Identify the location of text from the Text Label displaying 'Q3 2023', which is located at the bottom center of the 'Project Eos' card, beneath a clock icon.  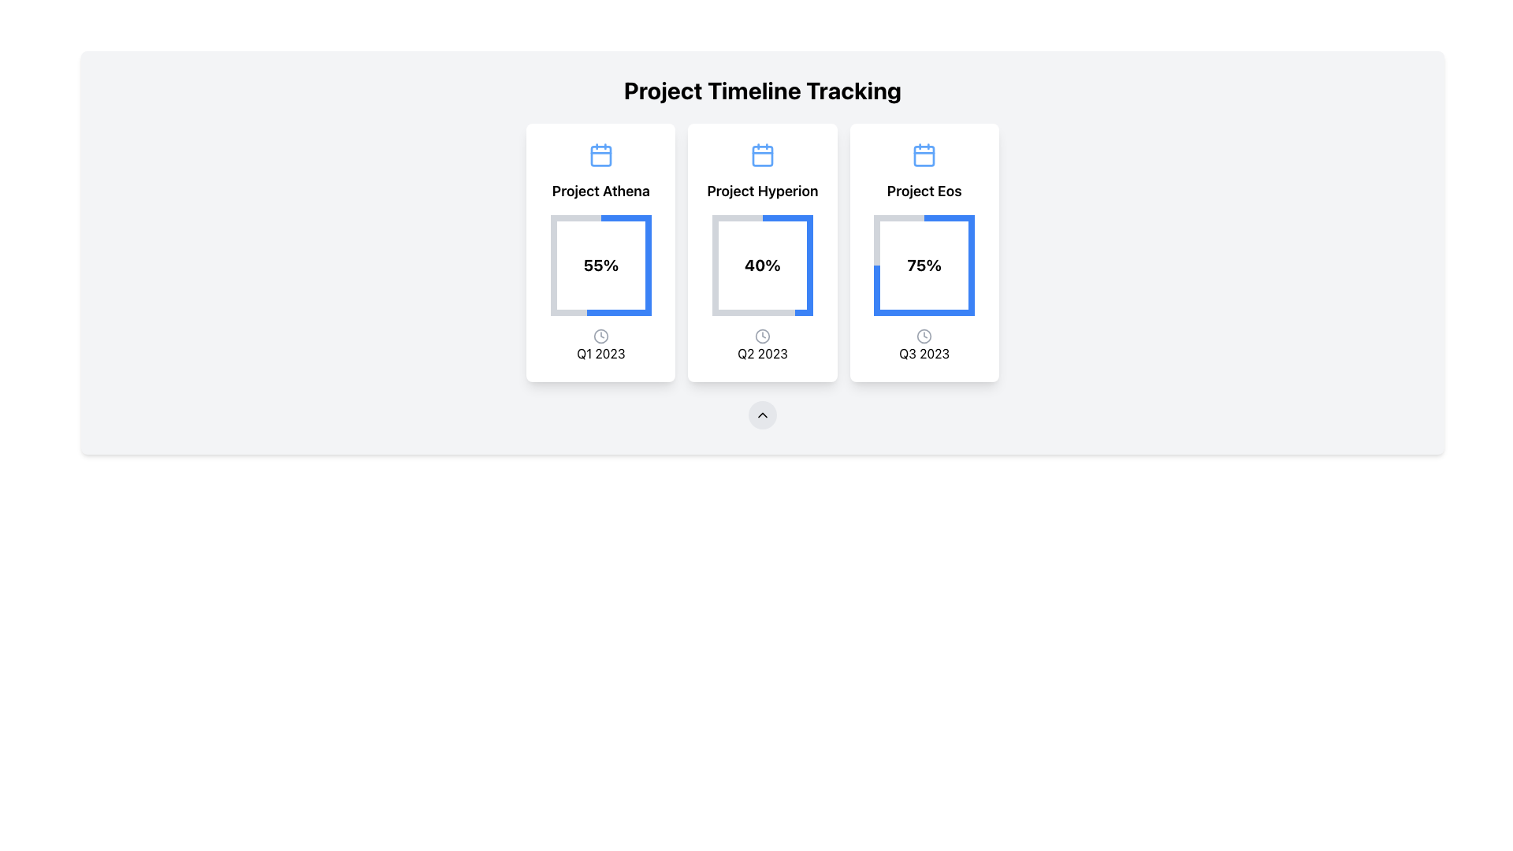
(924, 352).